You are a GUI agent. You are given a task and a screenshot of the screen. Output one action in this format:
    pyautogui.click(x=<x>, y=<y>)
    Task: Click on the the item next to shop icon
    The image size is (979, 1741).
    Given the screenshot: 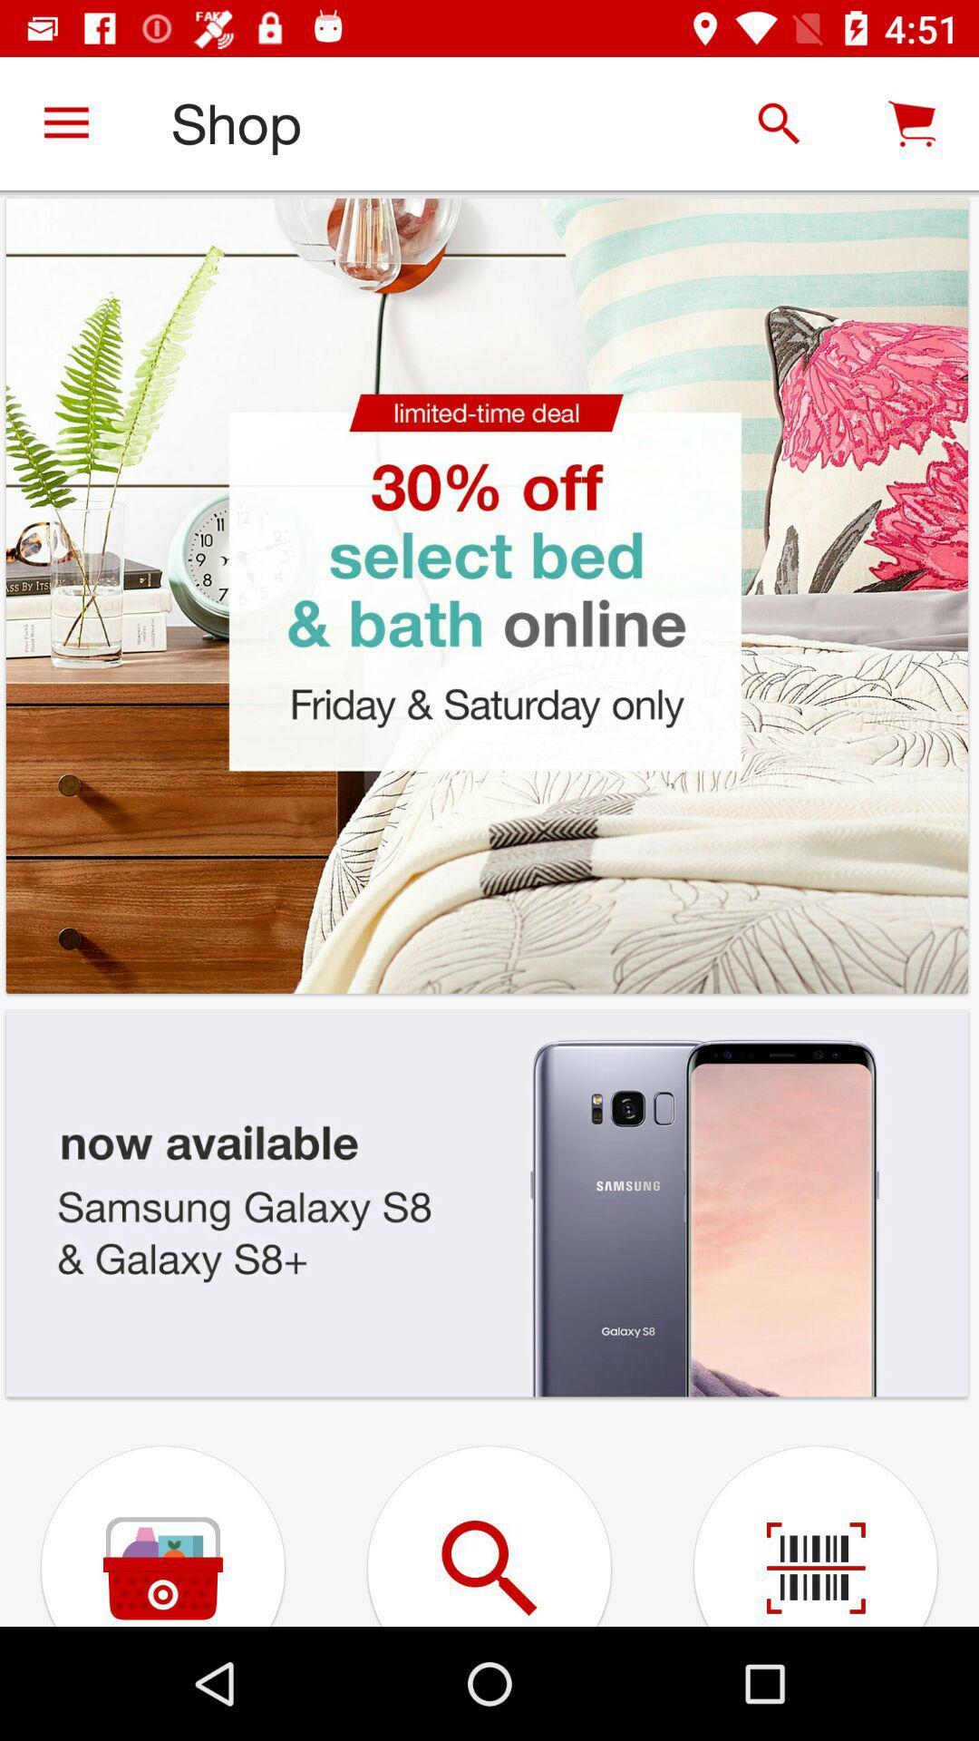 What is the action you would take?
    pyautogui.click(x=778, y=122)
    